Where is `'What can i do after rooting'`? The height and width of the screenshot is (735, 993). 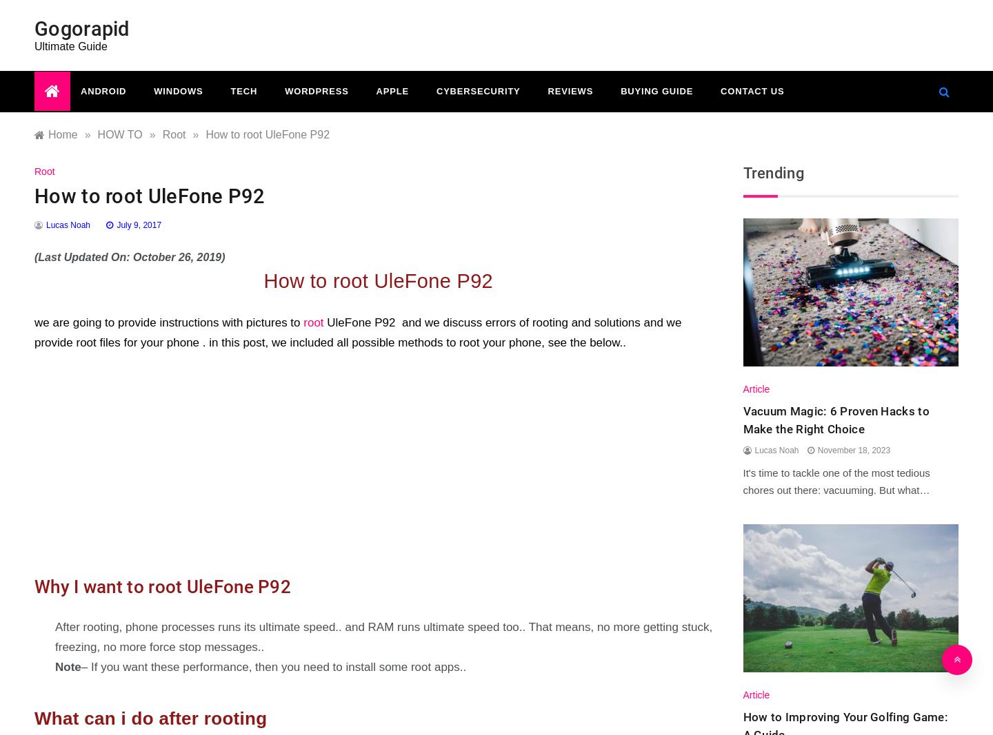 'What can i do after rooting' is located at coordinates (150, 718).